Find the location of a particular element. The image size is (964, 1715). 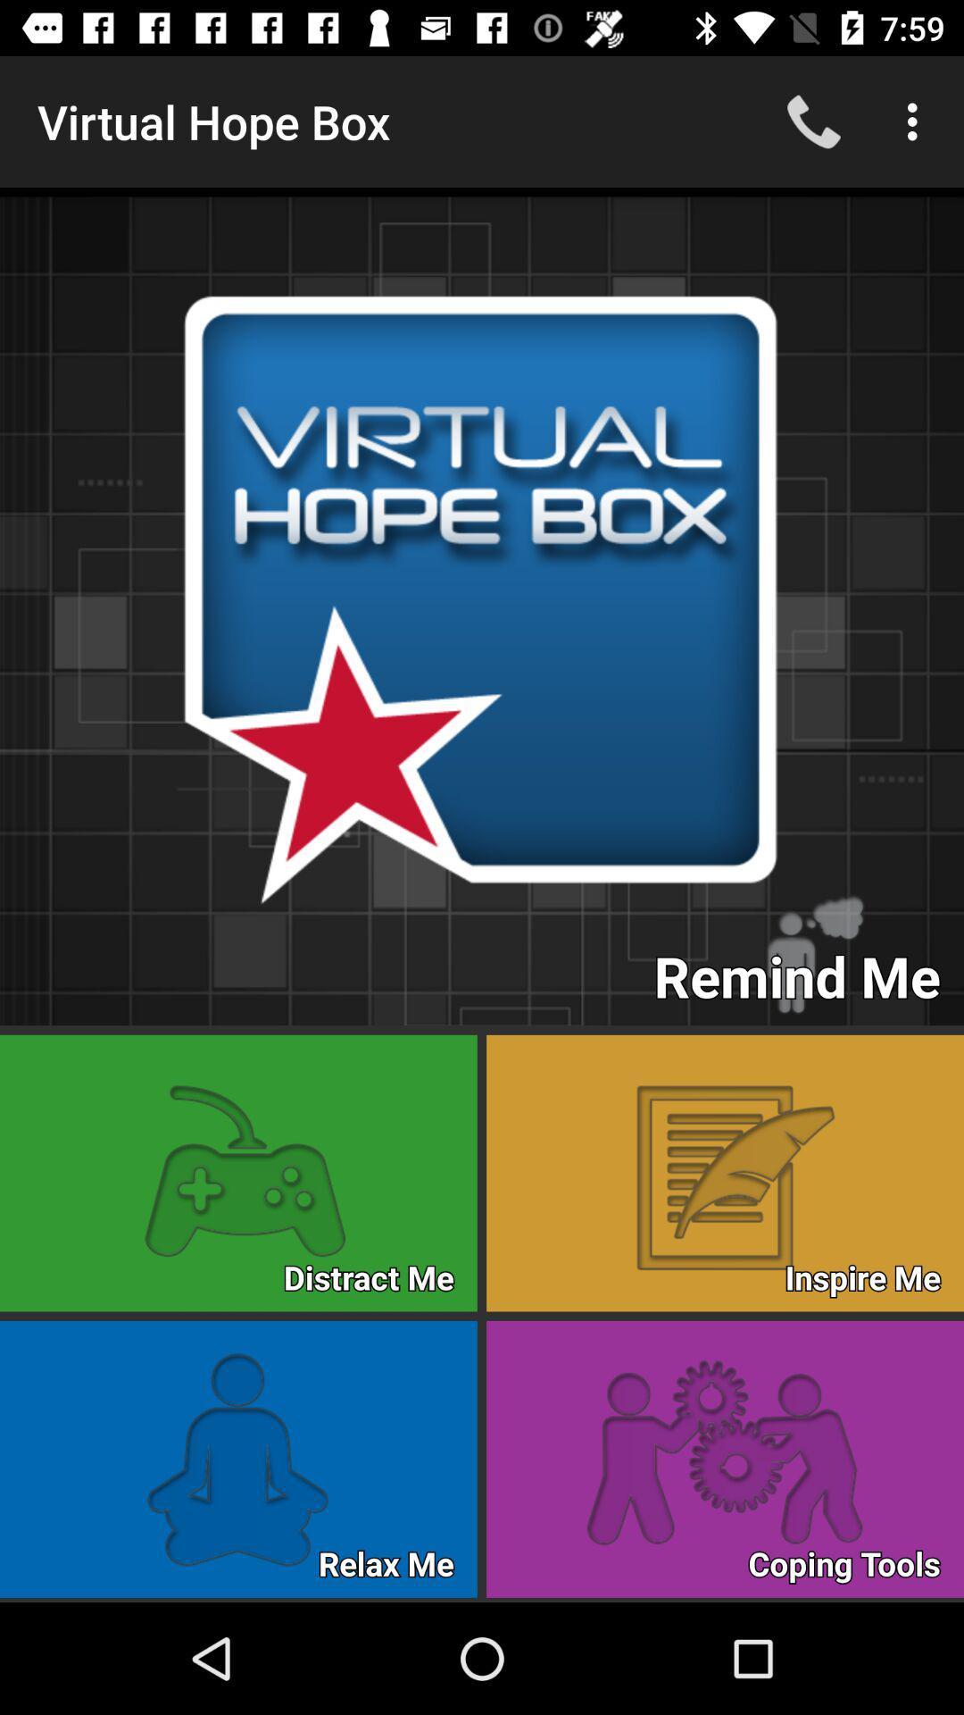

the phone icon at the top right of the web page is located at coordinates (813, 121).